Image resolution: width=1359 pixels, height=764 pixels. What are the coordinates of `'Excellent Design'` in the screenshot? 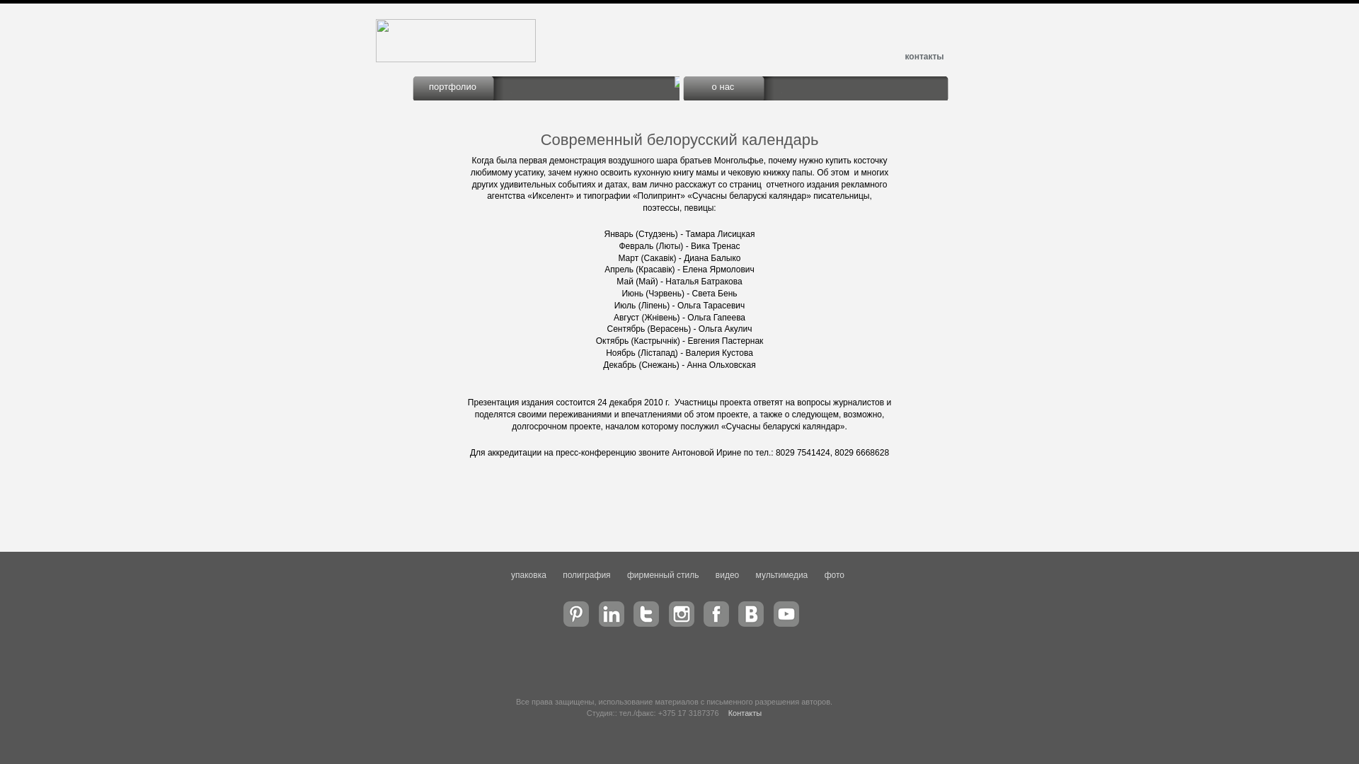 It's located at (455, 59).